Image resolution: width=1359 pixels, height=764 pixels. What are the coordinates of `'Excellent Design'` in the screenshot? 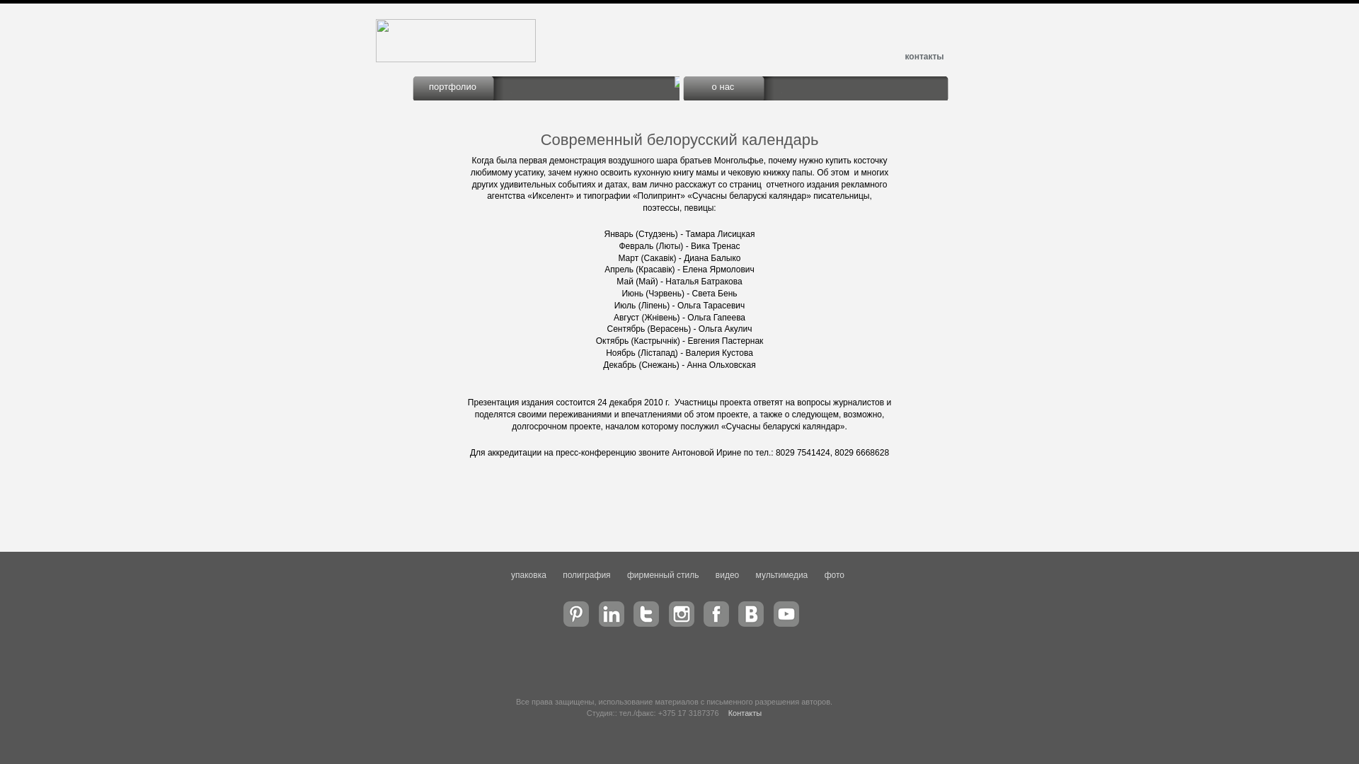 It's located at (455, 59).